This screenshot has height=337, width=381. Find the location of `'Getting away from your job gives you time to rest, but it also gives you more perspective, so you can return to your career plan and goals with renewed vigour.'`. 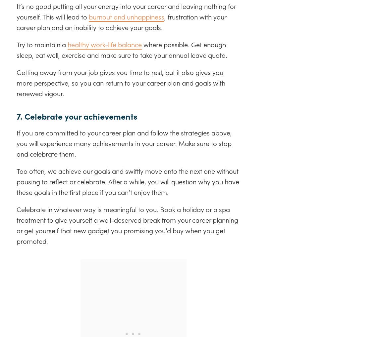

'Getting away from your job gives you time to rest, but it also gives you more perspective, so you can return to your career plan and goals with renewed vigour.' is located at coordinates (121, 82).